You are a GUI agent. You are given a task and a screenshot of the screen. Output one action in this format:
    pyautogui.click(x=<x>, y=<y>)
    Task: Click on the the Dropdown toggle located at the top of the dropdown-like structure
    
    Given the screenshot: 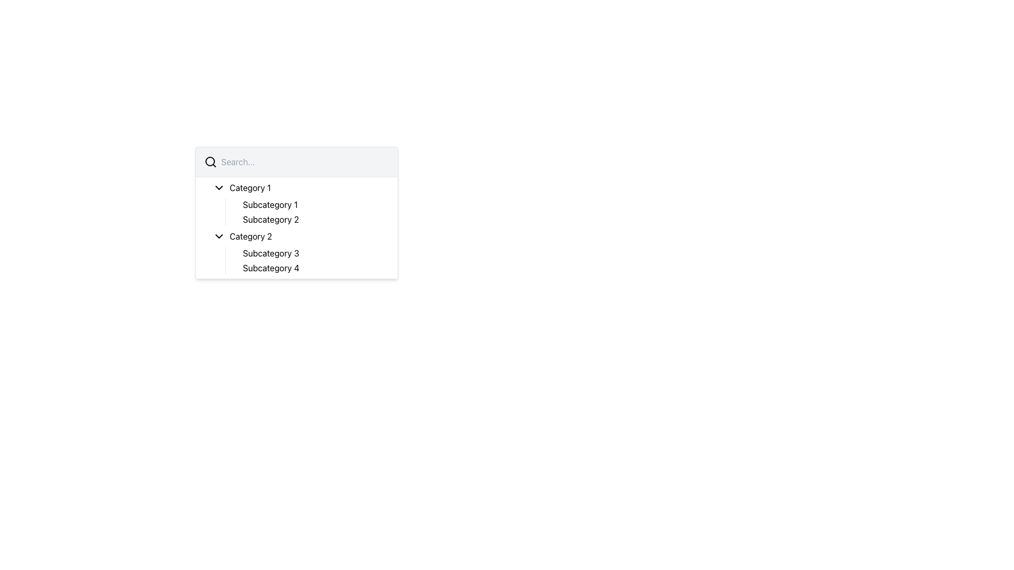 What is the action you would take?
    pyautogui.click(x=301, y=187)
    